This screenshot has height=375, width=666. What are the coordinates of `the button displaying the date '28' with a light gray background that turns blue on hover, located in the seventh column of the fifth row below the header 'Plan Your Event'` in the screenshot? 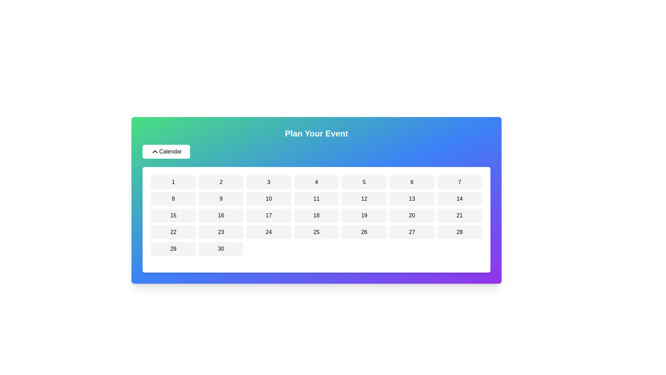 It's located at (460, 232).